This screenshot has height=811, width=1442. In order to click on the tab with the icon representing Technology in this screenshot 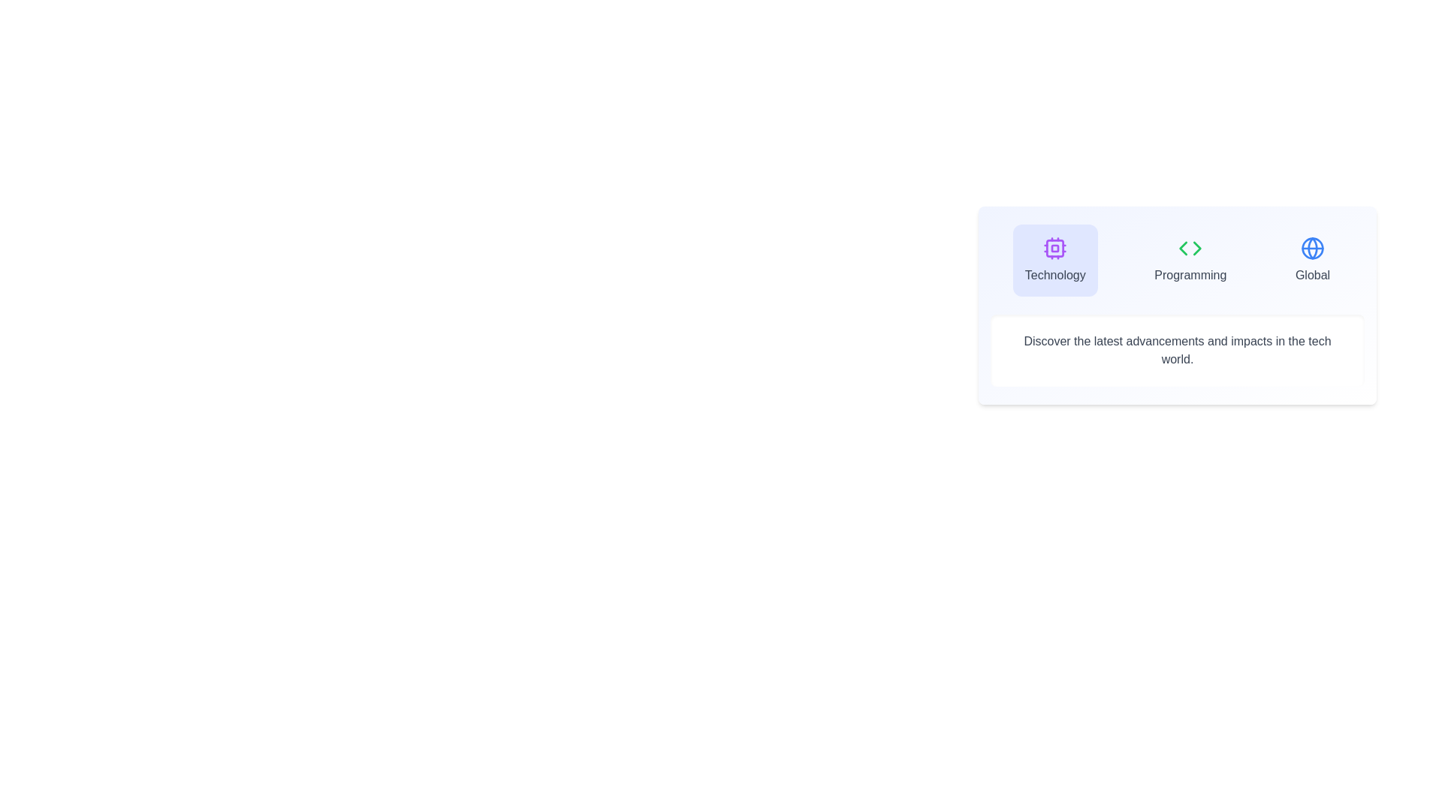, I will do `click(1054, 260)`.